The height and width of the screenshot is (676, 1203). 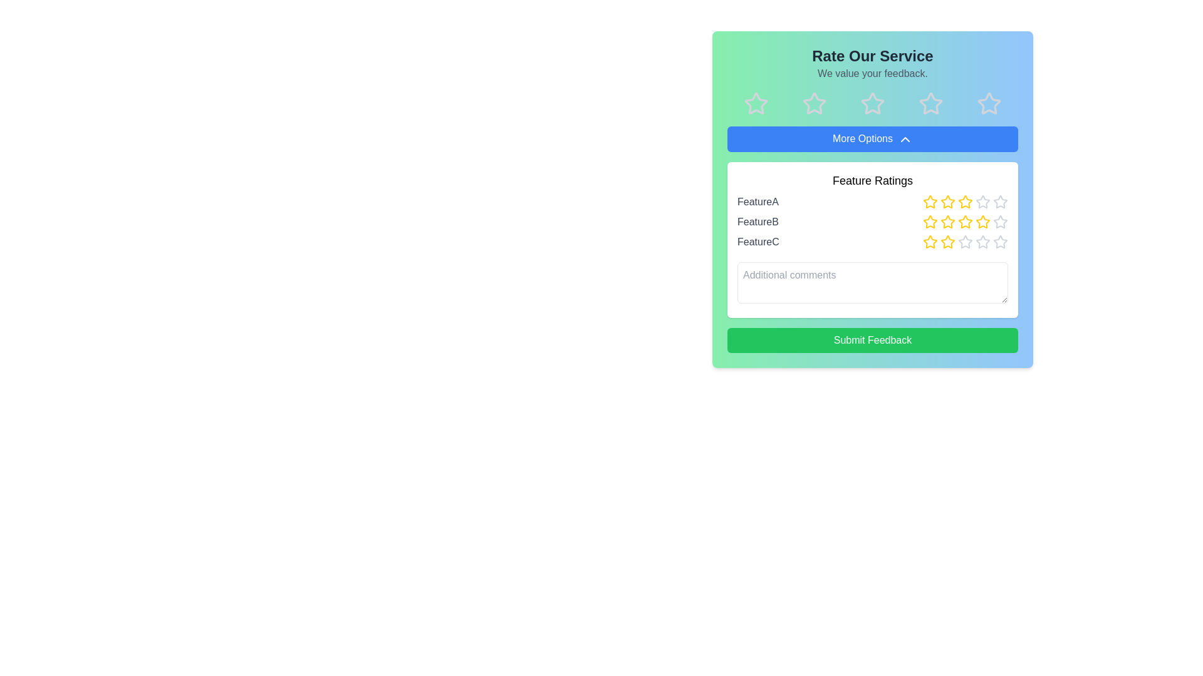 What do you see at coordinates (947, 221) in the screenshot?
I see `the yellow star icon representing a rating in the second row of the rating section for 'FeatureB'` at bounding box center [947, 221].